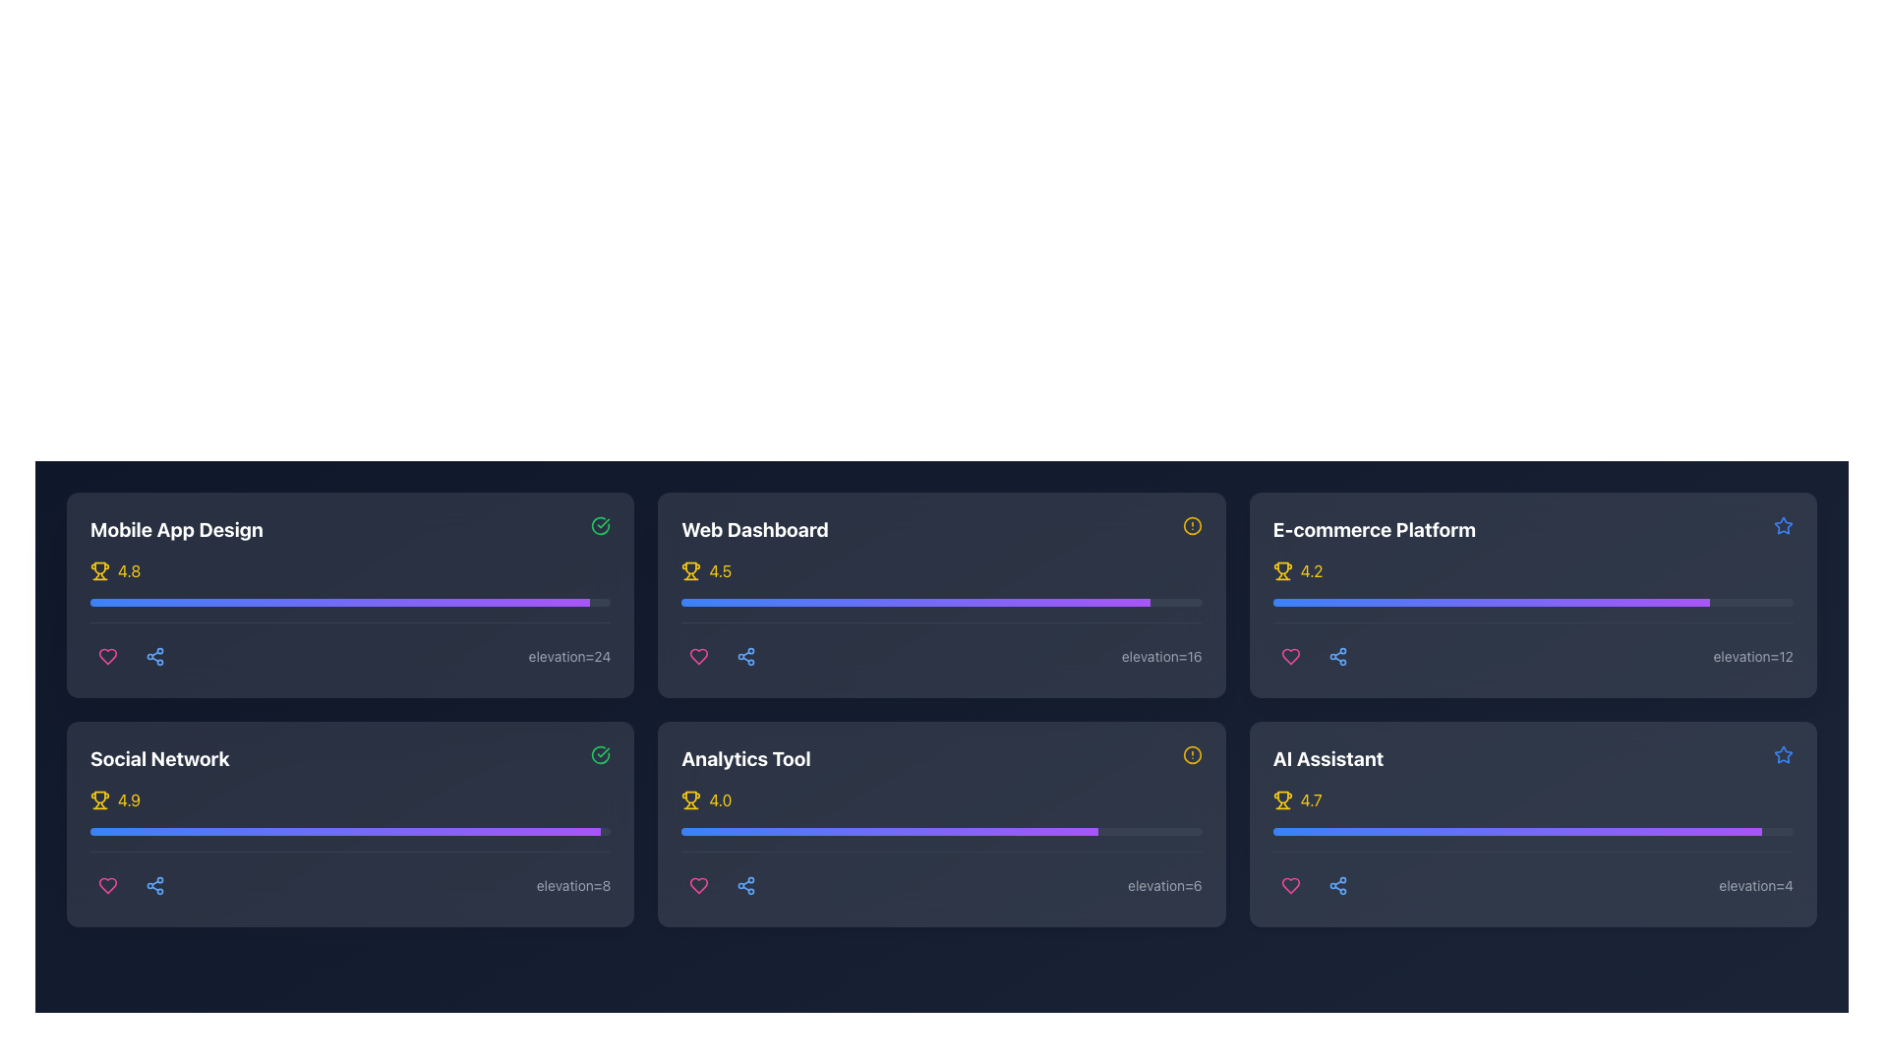 This screenshot has height=1062, width=1888. Describe the element at coordinates (1532, 831) in the screenshot. I see `the Progress bar that visually represents the completion metric associated with the 'AI Assistant' entity, located in the bottom-right section of the interface grid, beneath the rating text and trophy icon` at that location.